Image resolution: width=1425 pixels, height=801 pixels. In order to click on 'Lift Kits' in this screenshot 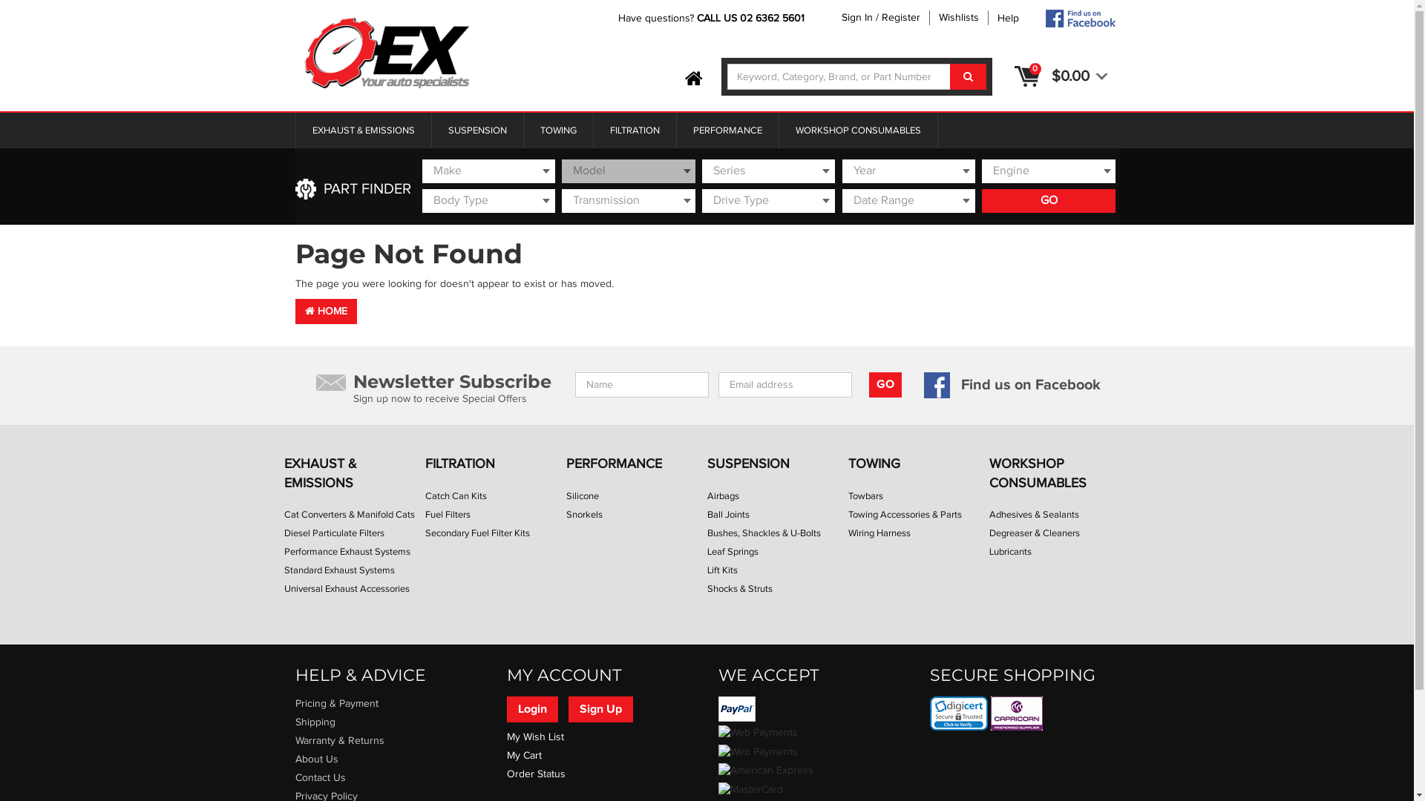, I will do `click(721, 569)`.